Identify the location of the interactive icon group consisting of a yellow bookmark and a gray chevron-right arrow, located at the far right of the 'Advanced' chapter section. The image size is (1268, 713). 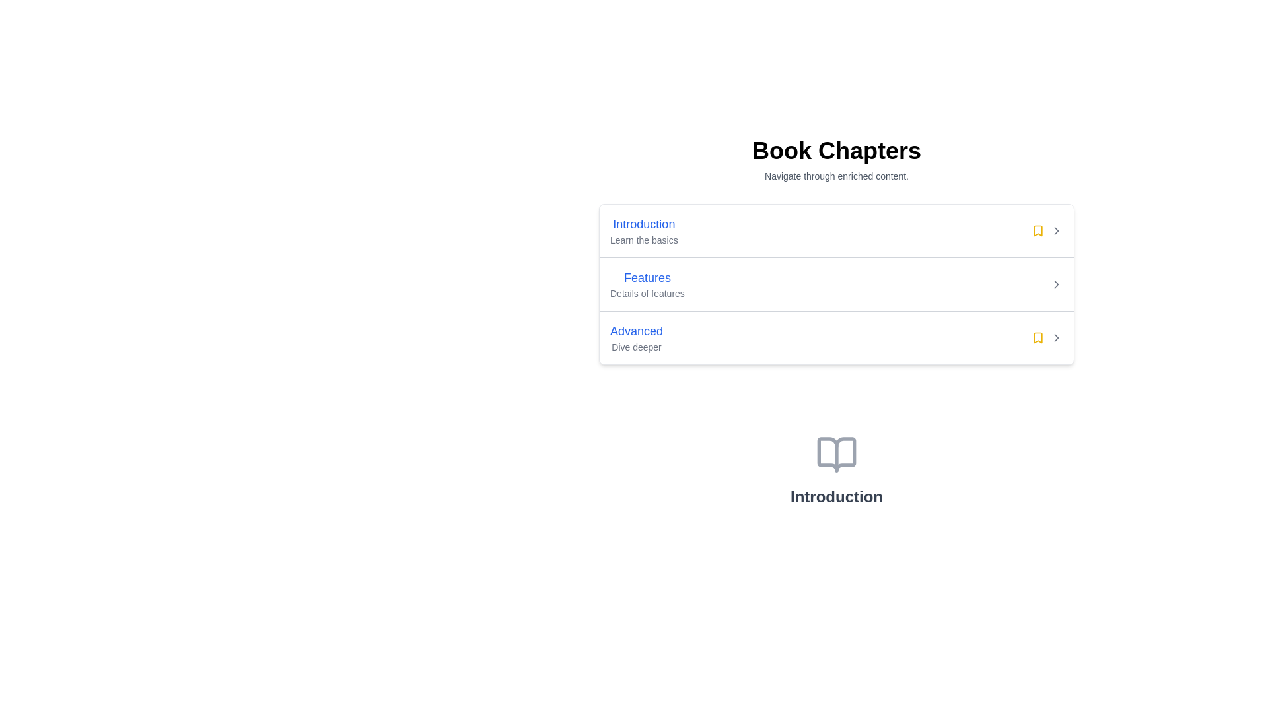
(1046, 337).